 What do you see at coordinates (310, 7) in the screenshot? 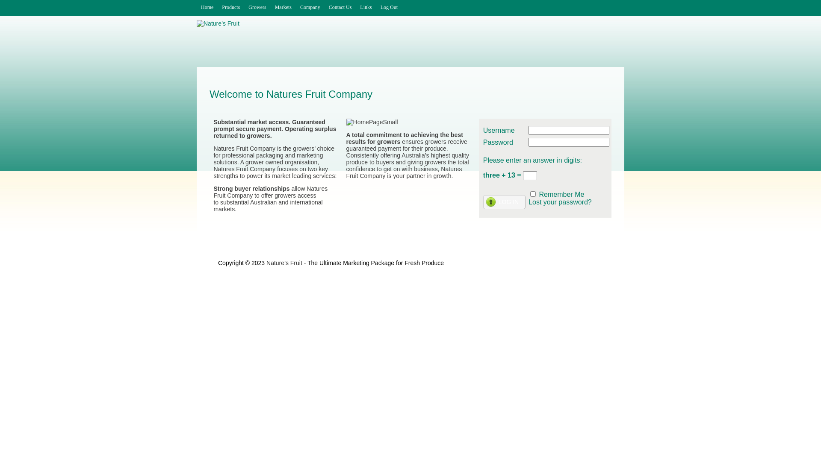
I see `'Company'` at bounding box center [310, 7].